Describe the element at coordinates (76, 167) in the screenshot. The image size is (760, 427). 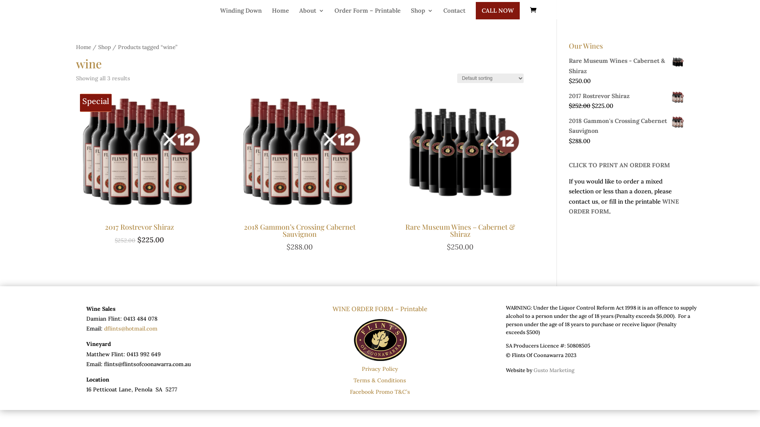
I see `'Sale!` at that location.